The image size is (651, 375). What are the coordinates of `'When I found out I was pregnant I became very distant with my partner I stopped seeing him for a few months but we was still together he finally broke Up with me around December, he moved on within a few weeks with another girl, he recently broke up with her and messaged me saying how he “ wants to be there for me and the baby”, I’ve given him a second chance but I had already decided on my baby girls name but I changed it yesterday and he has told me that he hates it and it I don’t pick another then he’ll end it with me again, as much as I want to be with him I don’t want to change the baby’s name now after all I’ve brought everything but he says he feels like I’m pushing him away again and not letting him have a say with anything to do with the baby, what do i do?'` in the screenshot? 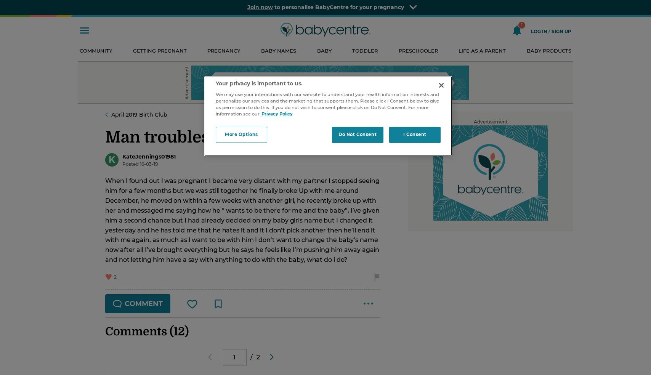 It's located at (243, 220).